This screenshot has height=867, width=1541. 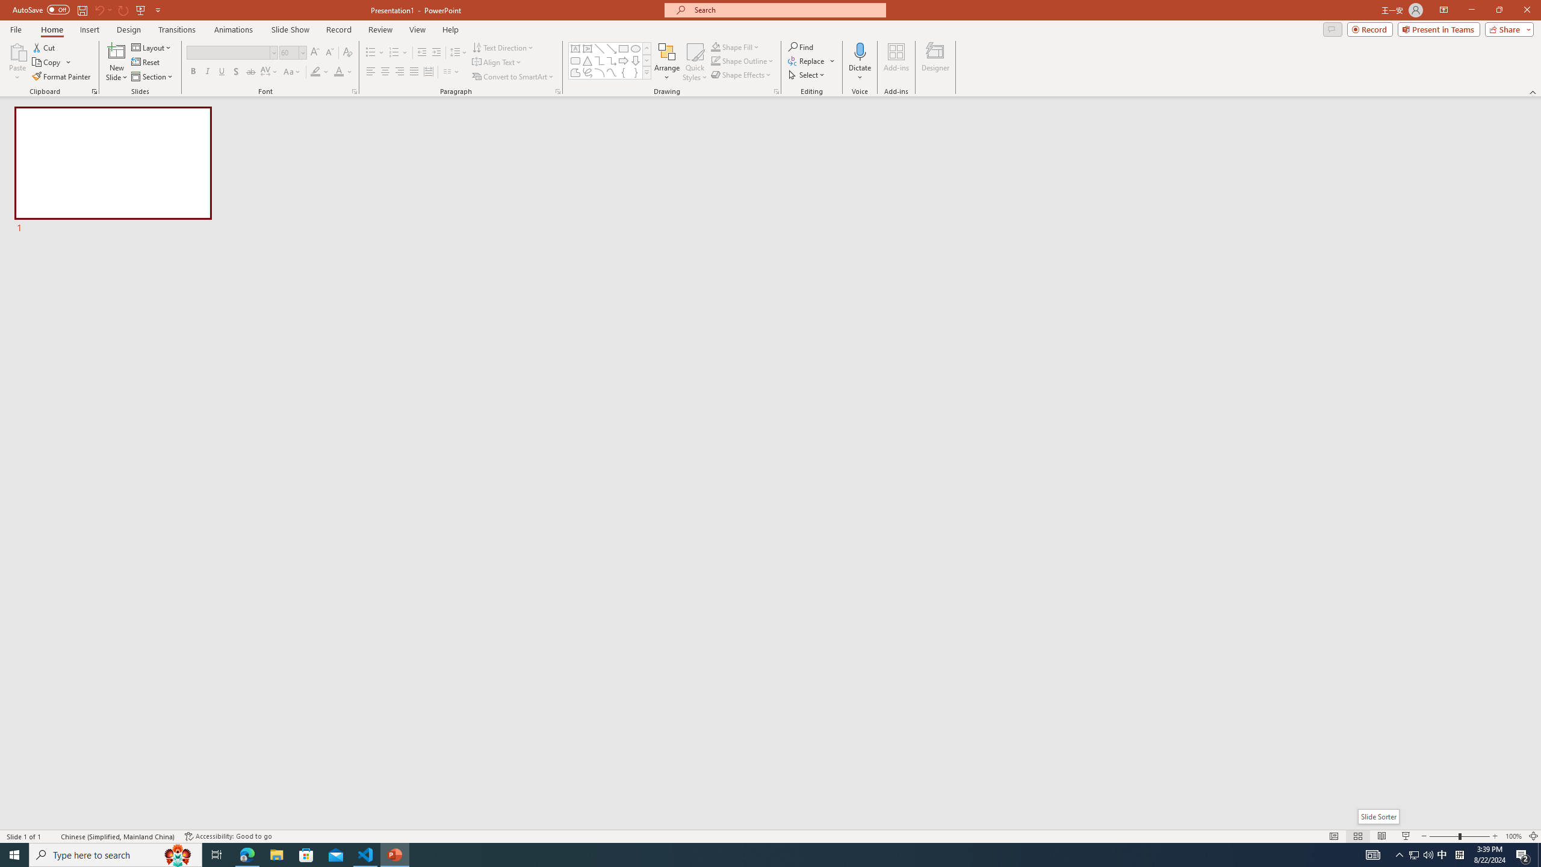 What do you see at coordinates (176, 30) in the screenshot?
I see `'Transitions'` at bounding box center [176, 30].